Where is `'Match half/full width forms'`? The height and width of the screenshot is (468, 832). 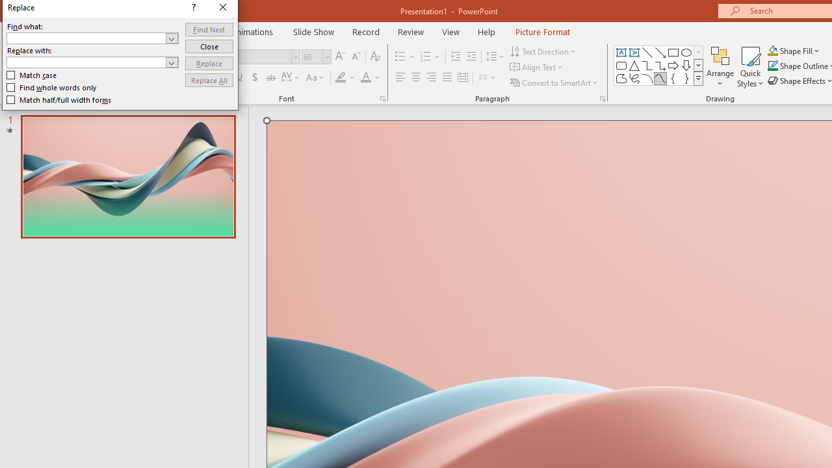
'Match half/full width forms' is located at coordinates (58, 99).